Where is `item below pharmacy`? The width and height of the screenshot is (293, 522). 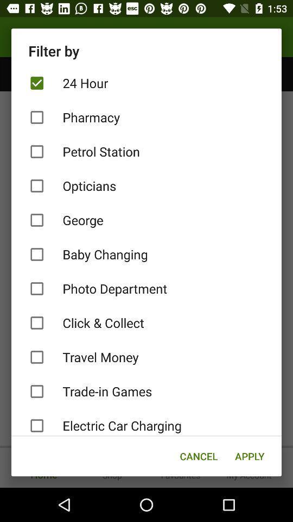
item below pharmacy is located at coordinates (146, 151).